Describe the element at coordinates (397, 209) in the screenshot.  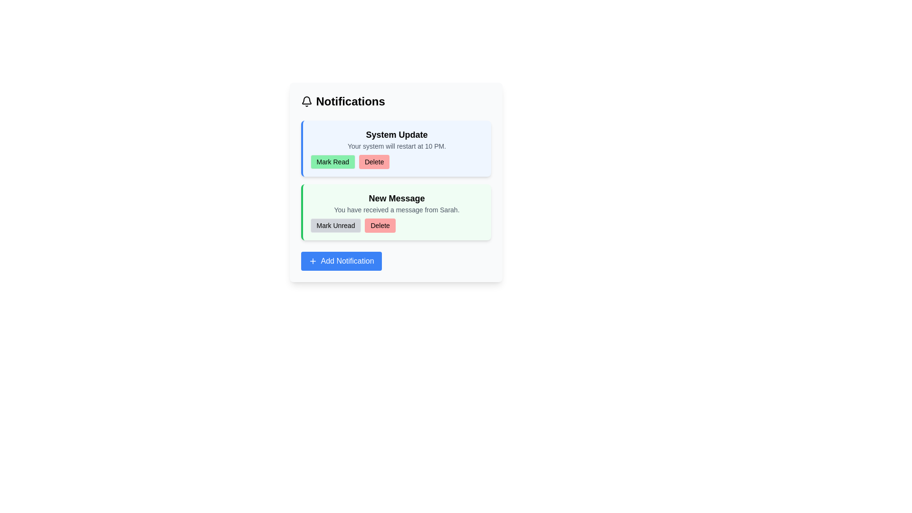
I see `the informational Text Label that conveys a message from Sarah, located below the title 'New Message' and above the action buttons 'Mark Unread' and 'Delete'` at that location.